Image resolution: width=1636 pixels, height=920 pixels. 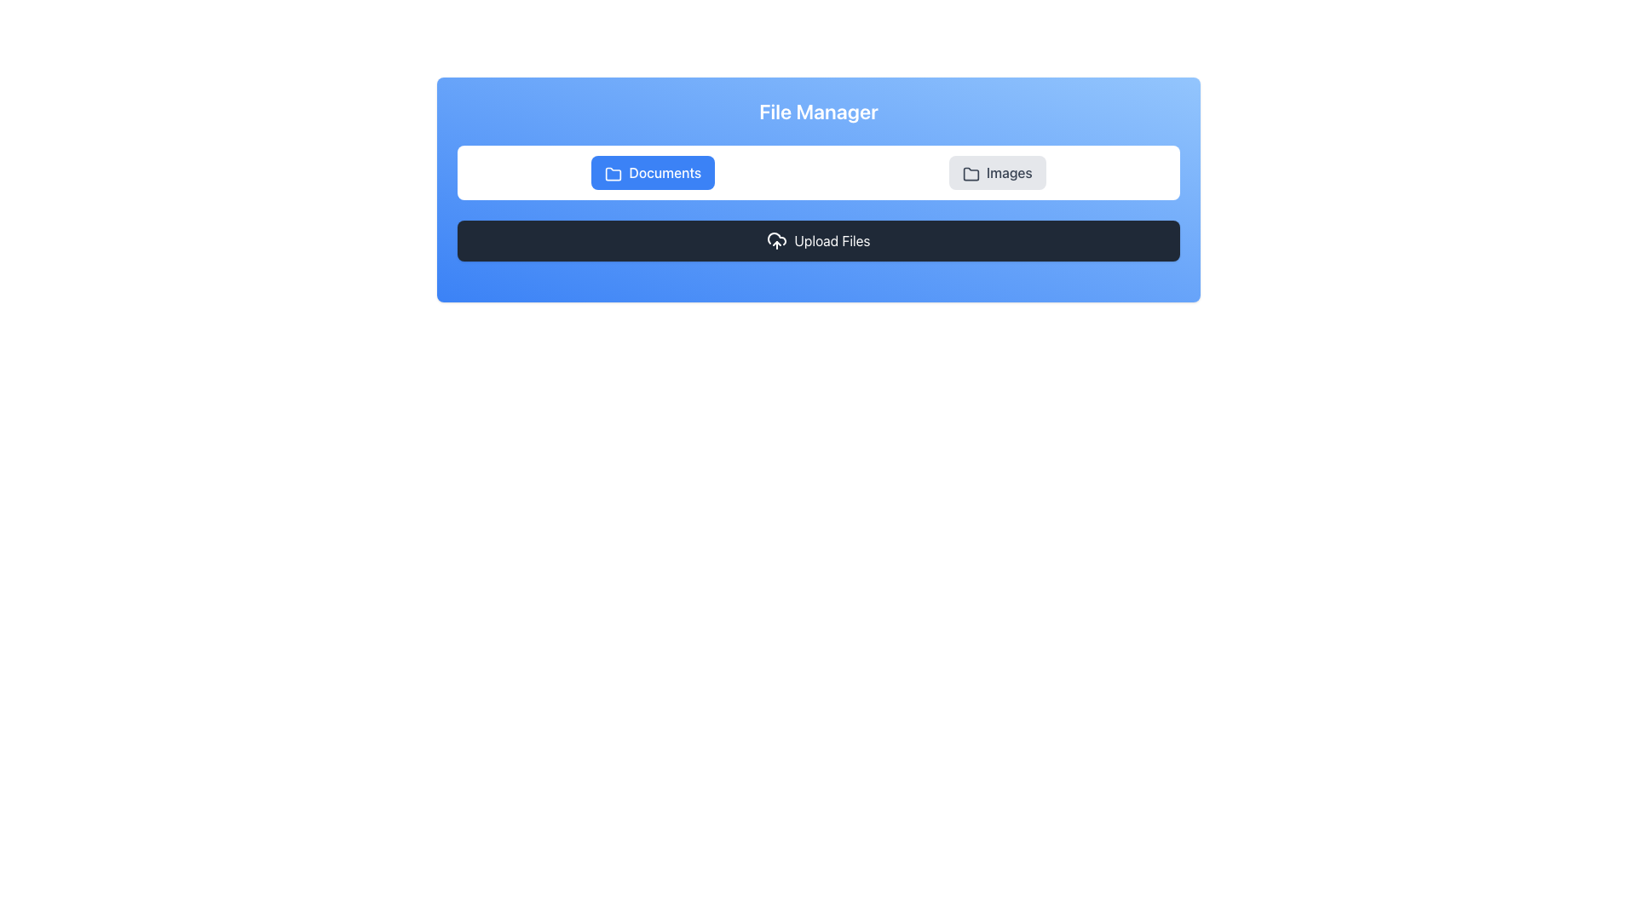 I want to click on the 'Documents' button located in the top-left section of the button group, so click(x=652, y=173).